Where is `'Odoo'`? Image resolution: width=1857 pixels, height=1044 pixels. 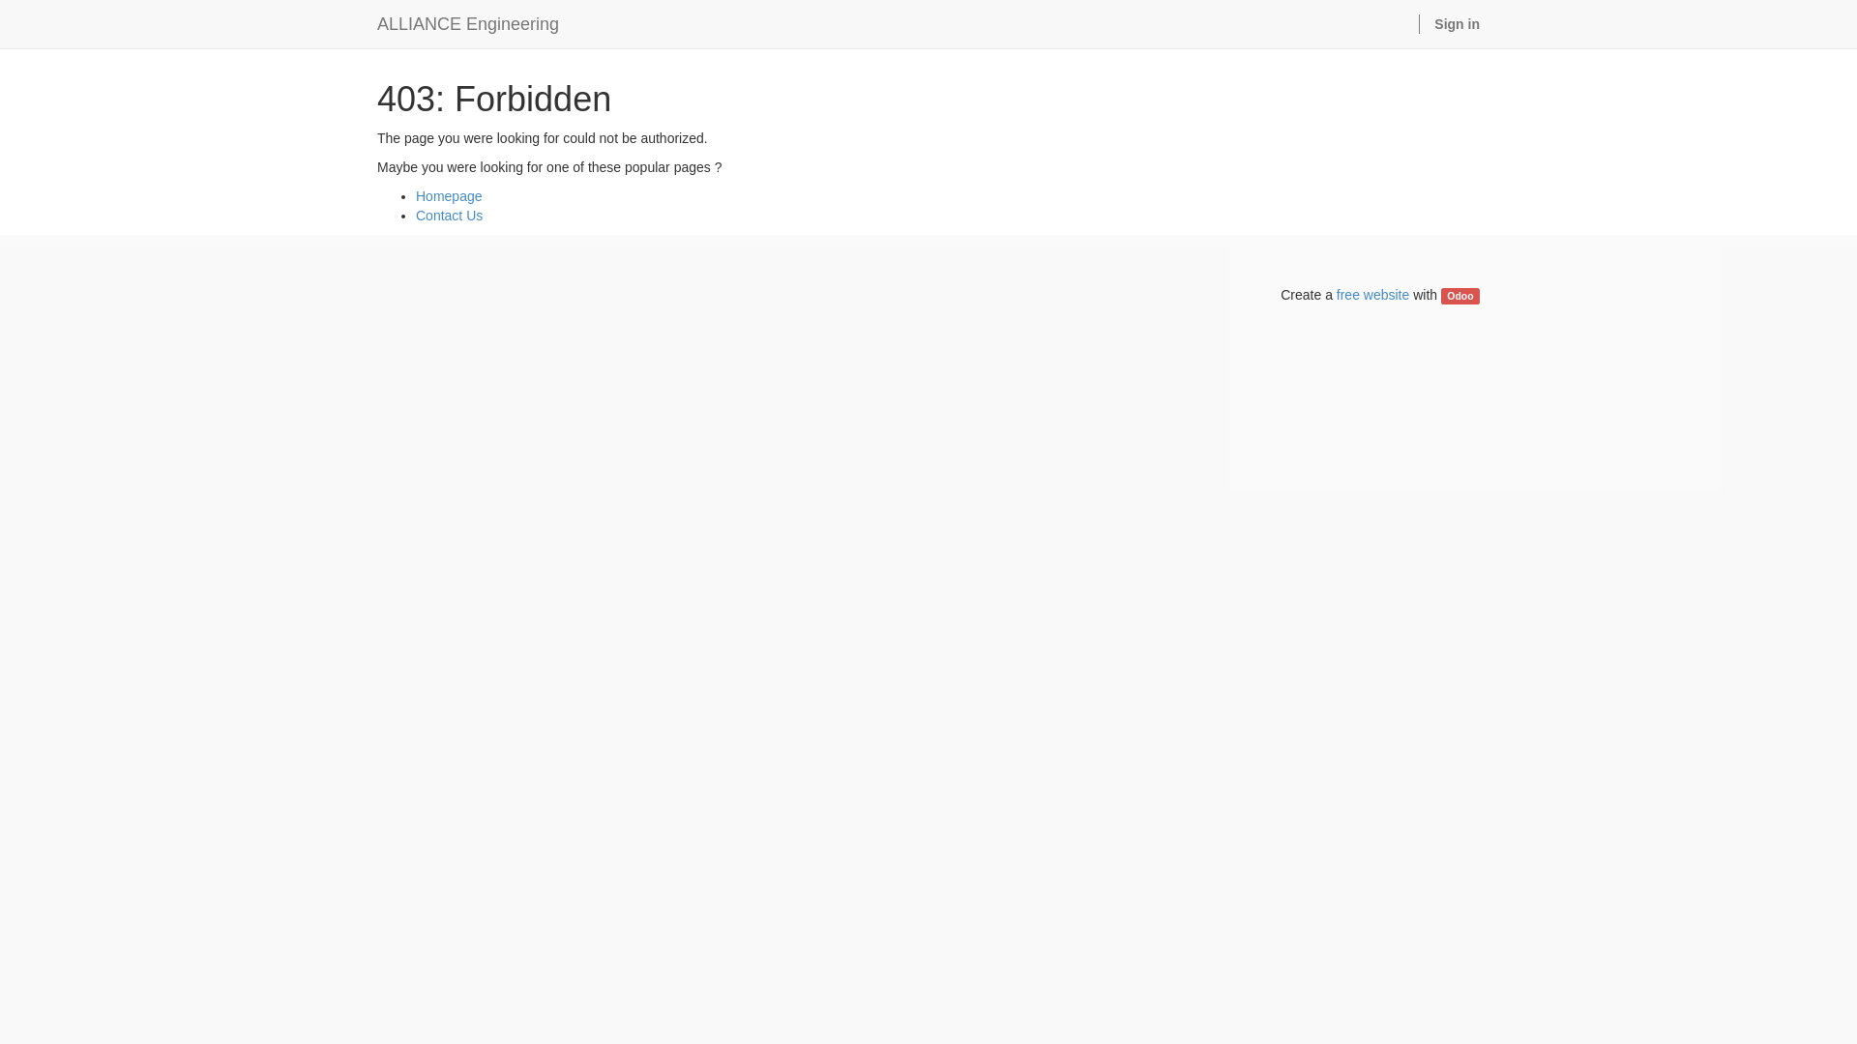
'Odoo' is located at coordinates (1460, 296).